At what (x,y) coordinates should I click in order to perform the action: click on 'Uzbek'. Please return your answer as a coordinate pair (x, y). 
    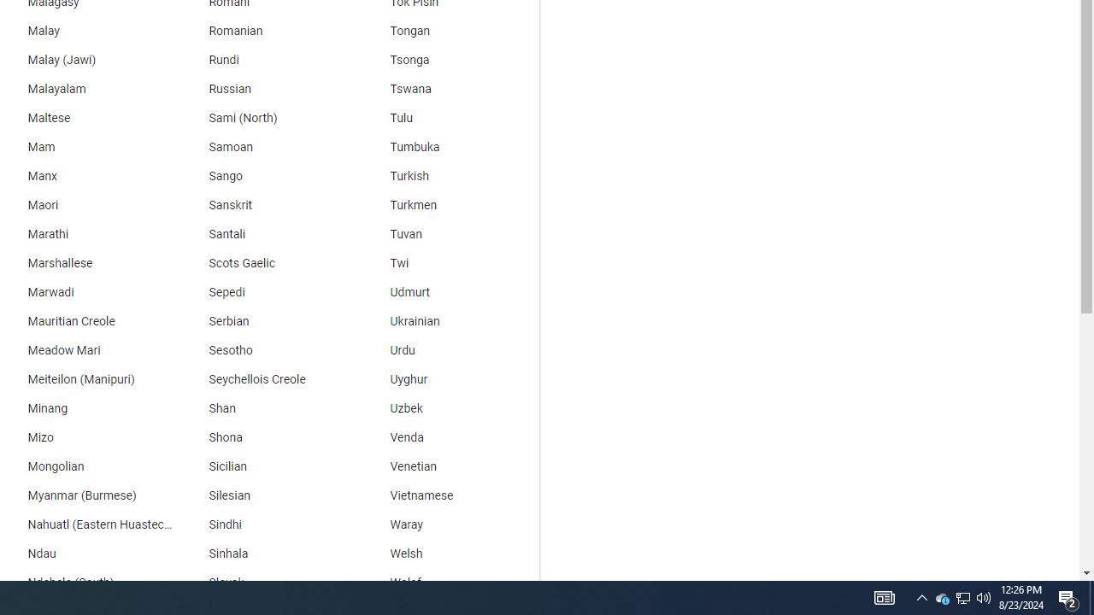
    Looking at the image, I should click on (449, 409).